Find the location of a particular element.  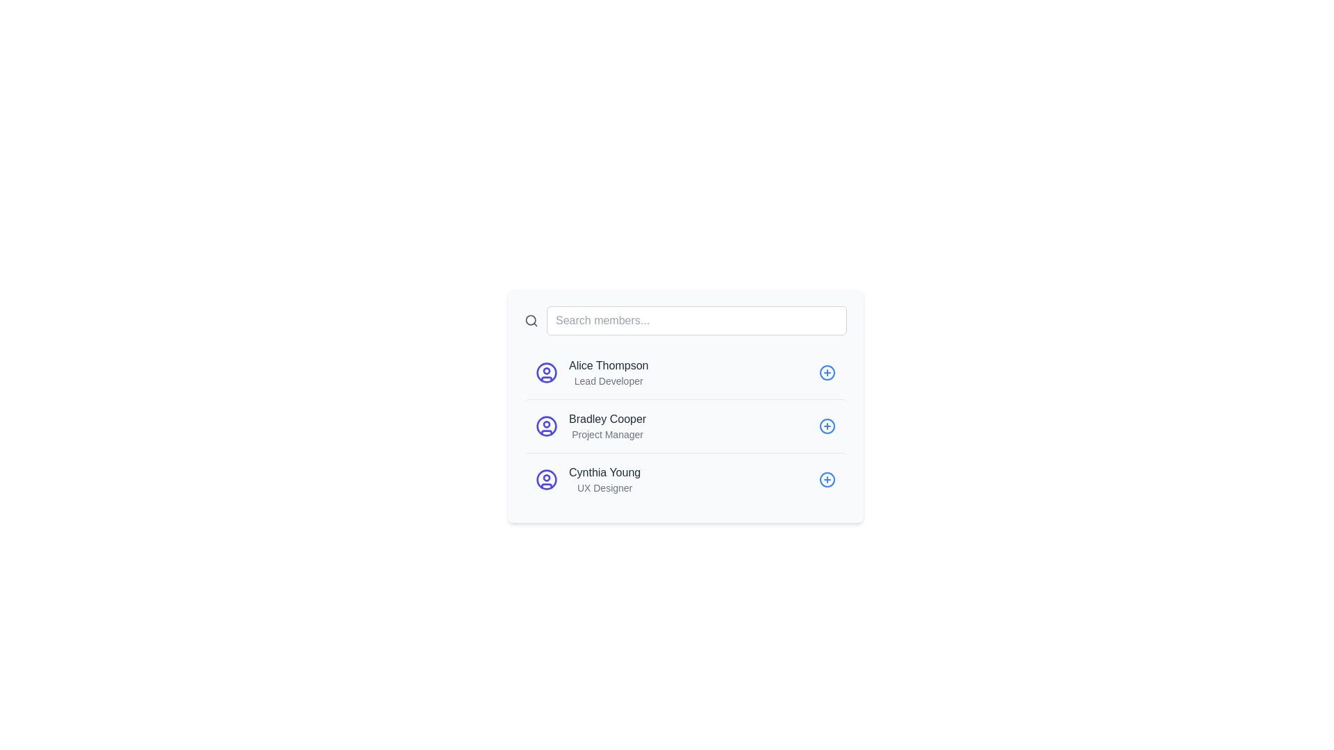

the action trigger button located to the right of 'Cynthia Young', a UX Designer is located at coordinates (827, 478).